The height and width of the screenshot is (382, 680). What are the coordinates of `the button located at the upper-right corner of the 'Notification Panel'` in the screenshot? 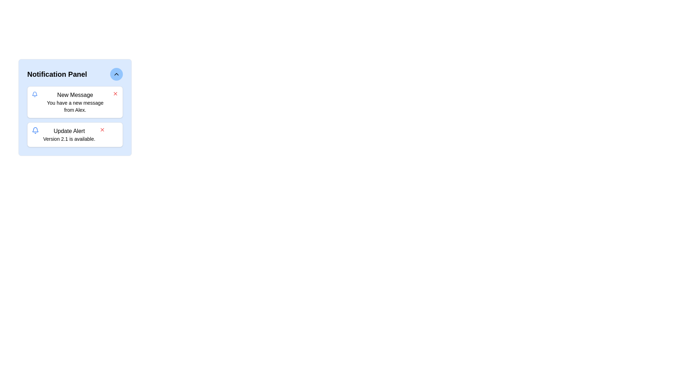 It's located at (117, 74).